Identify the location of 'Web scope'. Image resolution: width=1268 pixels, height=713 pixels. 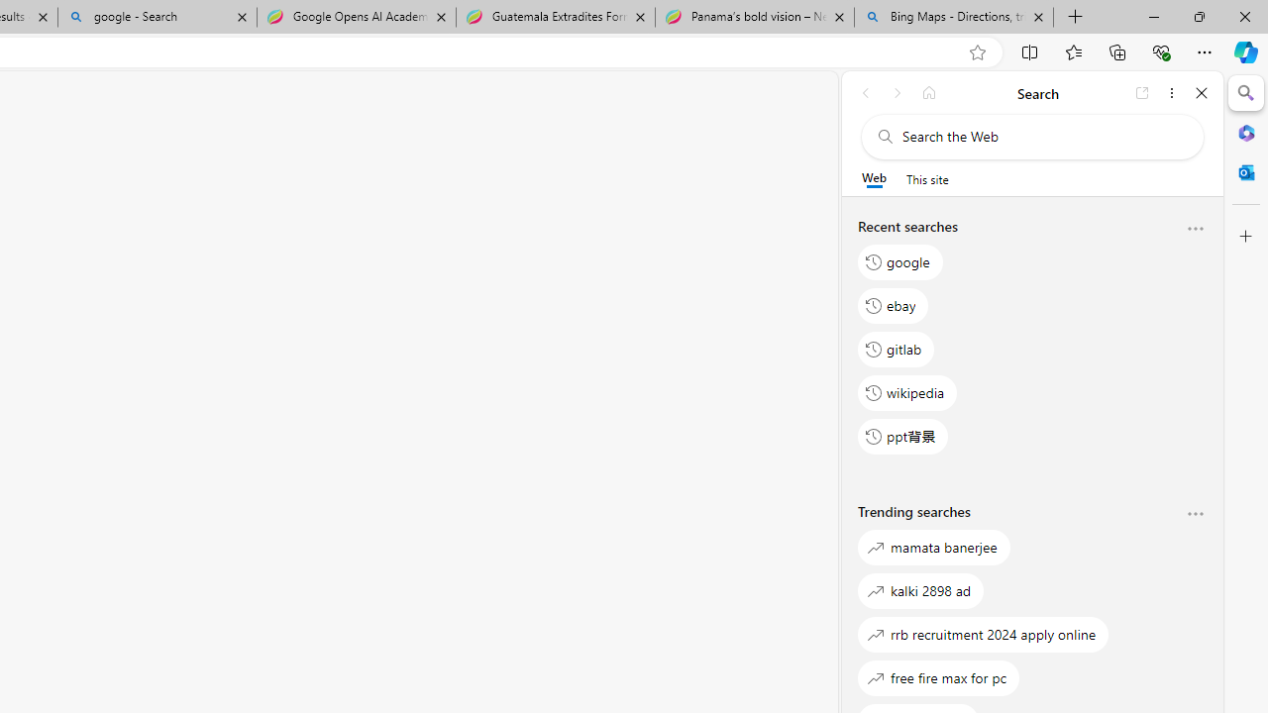
(873, 178).